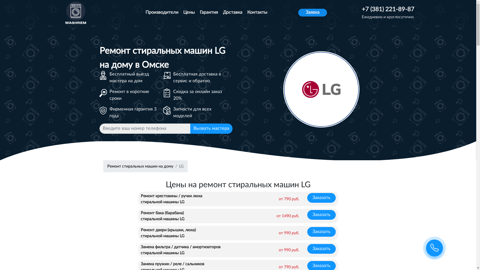 The width and height of the screenshot is (480, 270). Describe the element at coordinates (387, 9) in the screenshot. I see `'+7 (381) 221-89-87'` at that location.